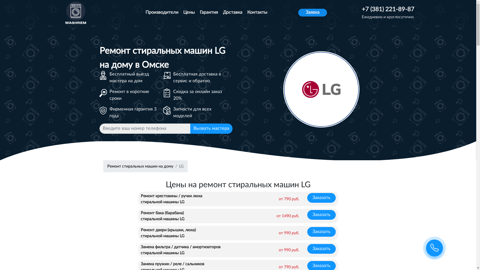 The width and height of the screenshot is (480, 270). Describe the element at coordinates (387, 9) in the screenshot. I see `'+7 (381) 221-89-87'` at that location.